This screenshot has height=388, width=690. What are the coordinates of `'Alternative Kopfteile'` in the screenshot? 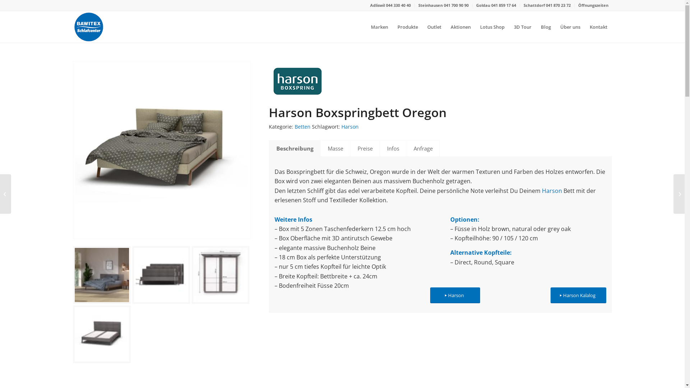 It's located at (480, 252).